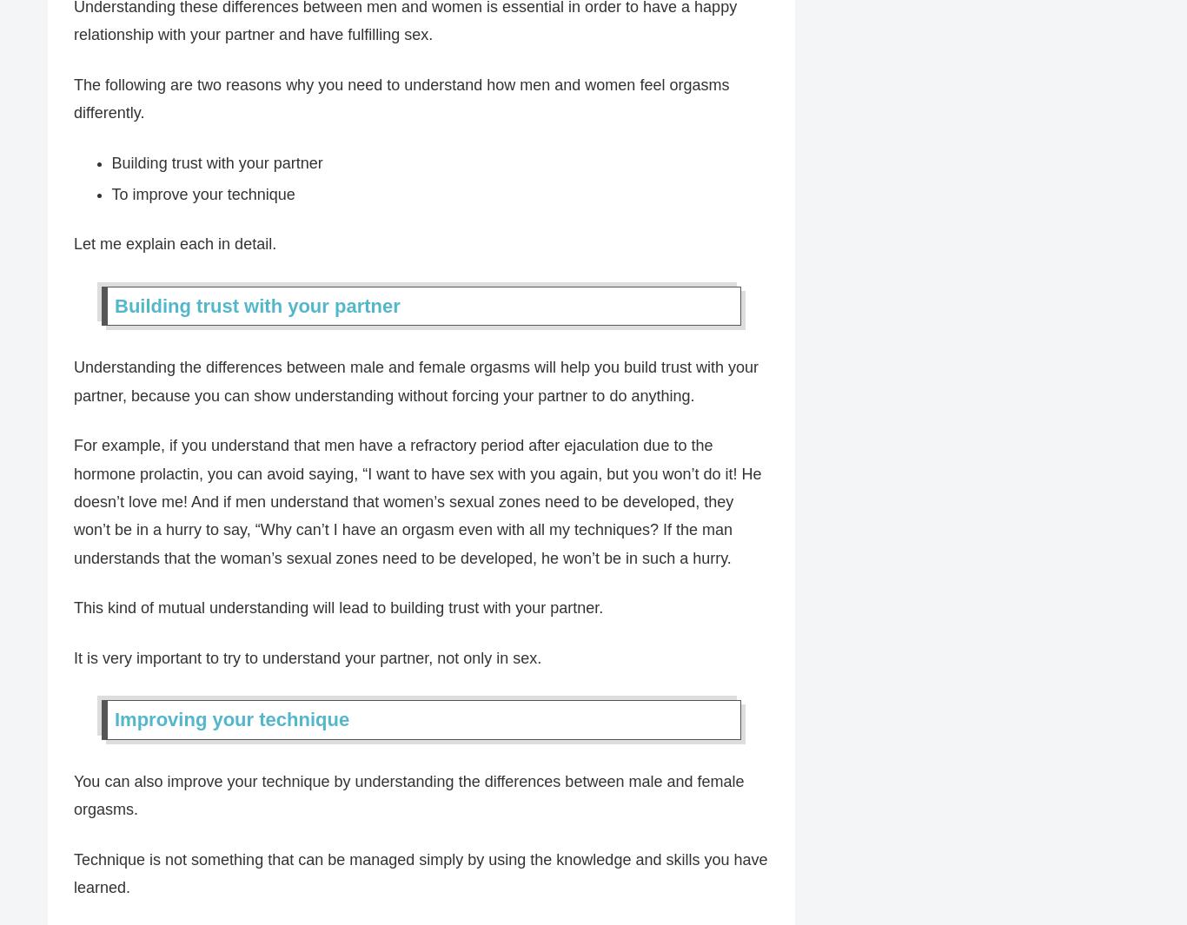  Describe the element at coordinates (202, 193) in the screenshot. I see `'To improve your technique'` at that location.